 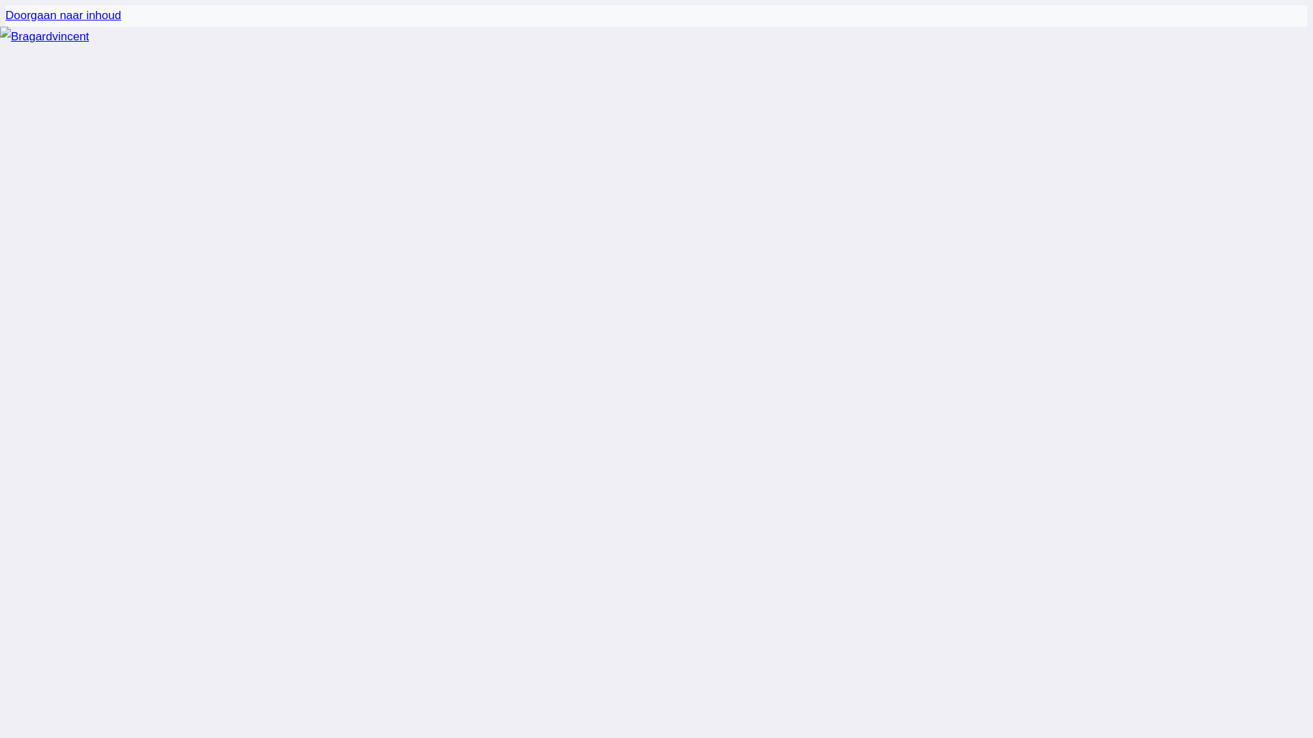 What do you see at coordinates (5, 15) in the screenshot?
I see `'Doorgaan naar inhoud'` at bounding box center [5, 15].